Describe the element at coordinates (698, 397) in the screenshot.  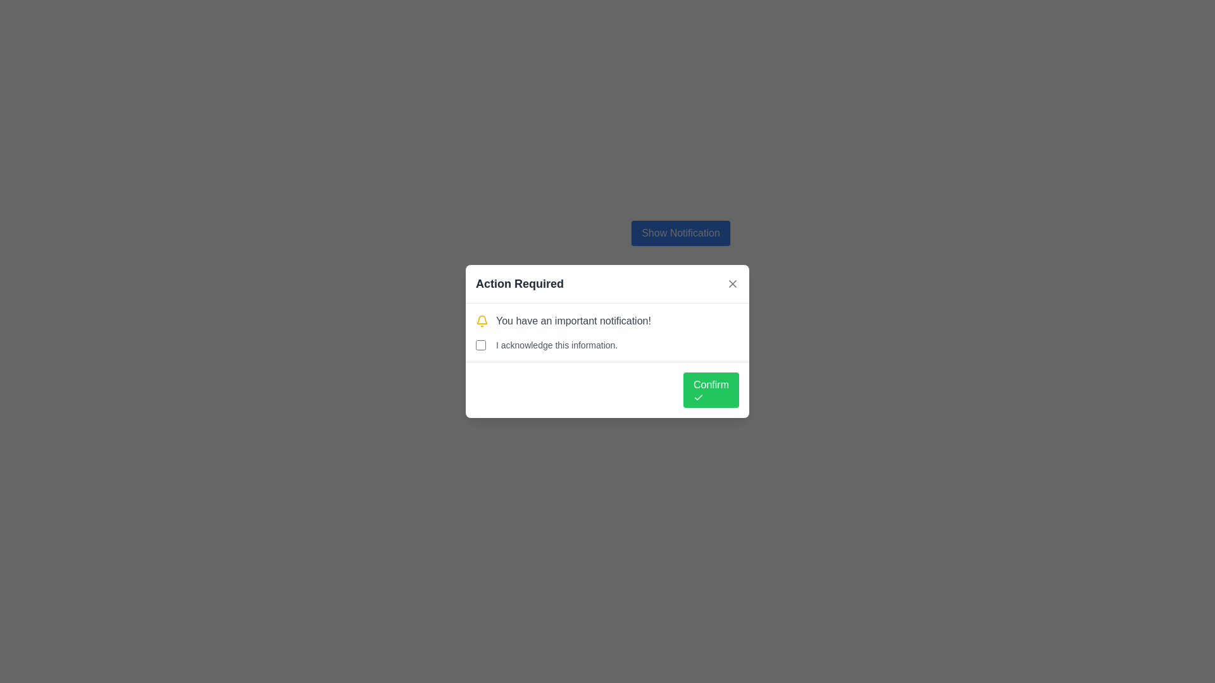
I see `the presence of the Decorative icon located within the green 'Confirm' button at the bottom-right corner of the modal dialog titled 'Action Required'` at that location.